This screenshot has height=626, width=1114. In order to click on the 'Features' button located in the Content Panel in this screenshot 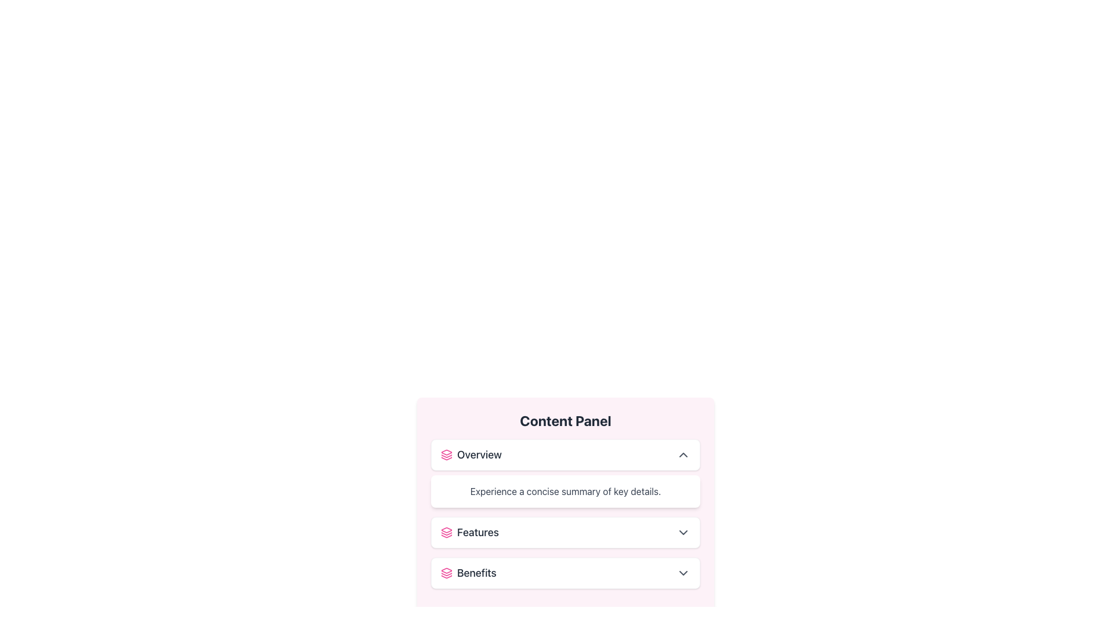, I will do `click(565, 532)`.